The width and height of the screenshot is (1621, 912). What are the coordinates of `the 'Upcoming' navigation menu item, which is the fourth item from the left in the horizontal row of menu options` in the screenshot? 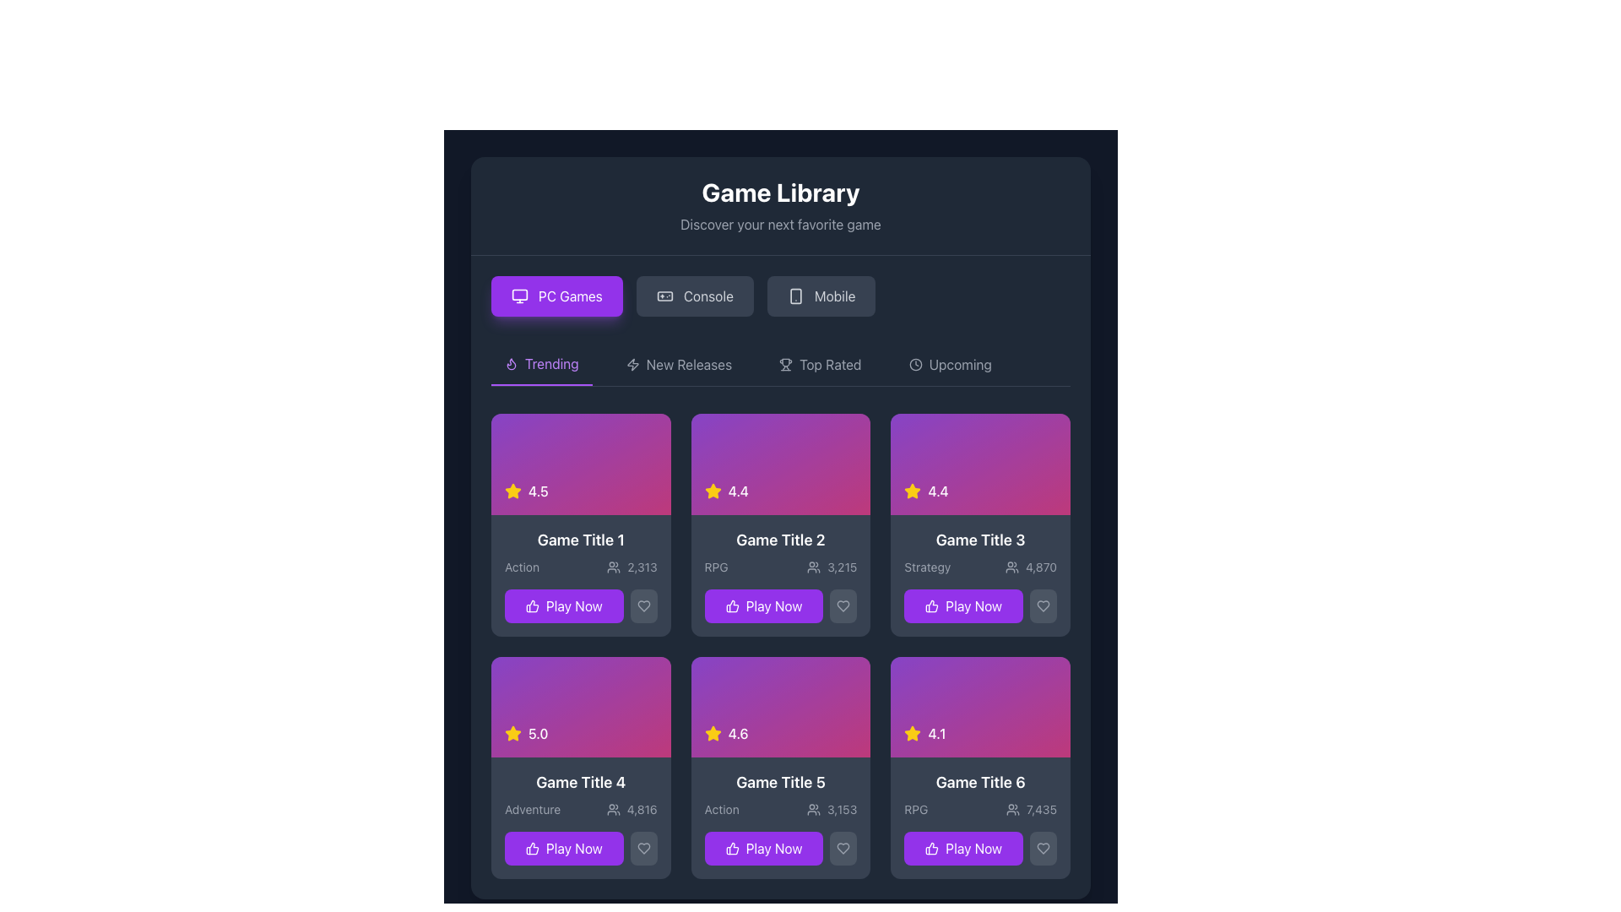 It's located at (950, 364).